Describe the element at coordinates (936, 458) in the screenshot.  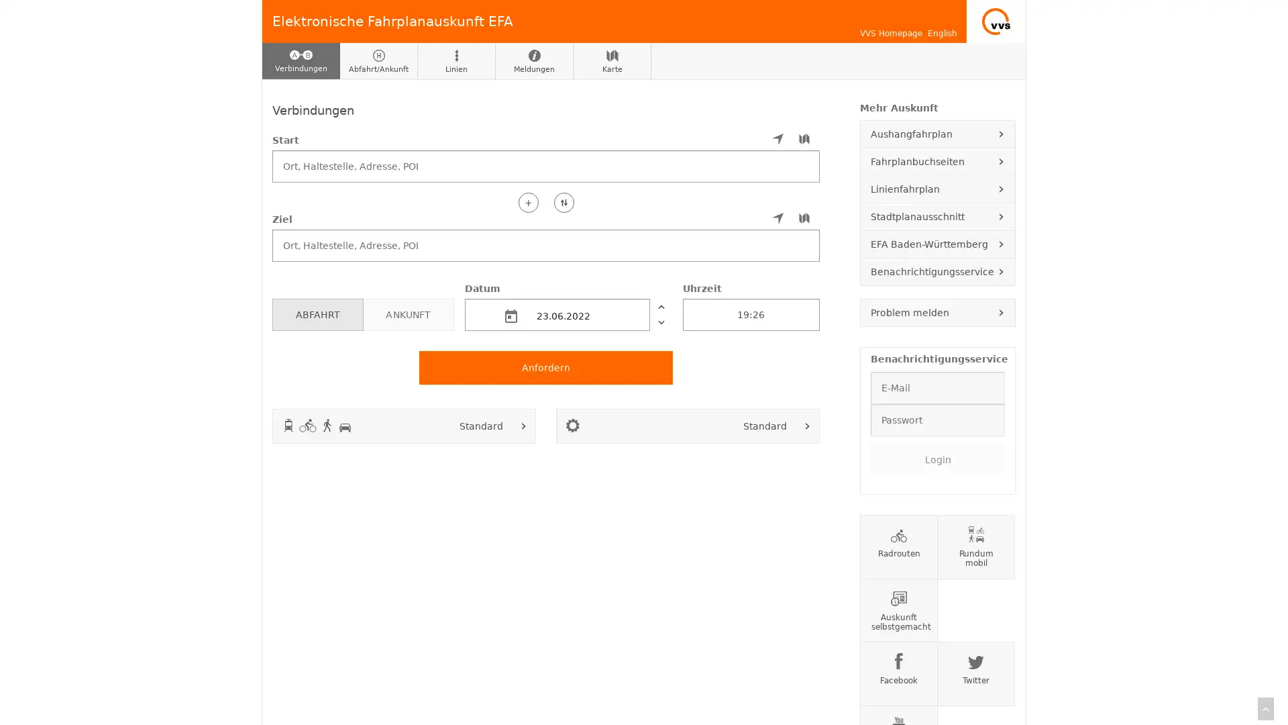
I see `Login` at that location.